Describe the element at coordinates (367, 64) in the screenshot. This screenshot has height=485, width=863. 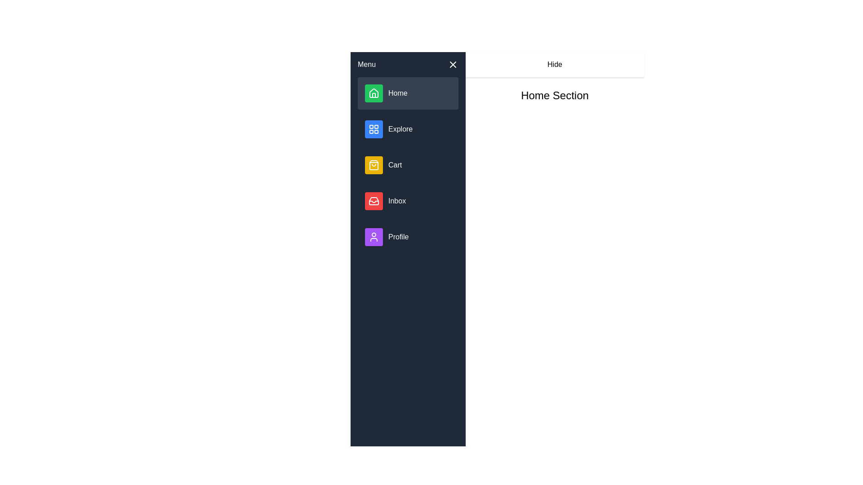
I see `the Text label in the top section of the navigation pane, which indicates the menu or navigation area for accessing various app functionalities` at that location.